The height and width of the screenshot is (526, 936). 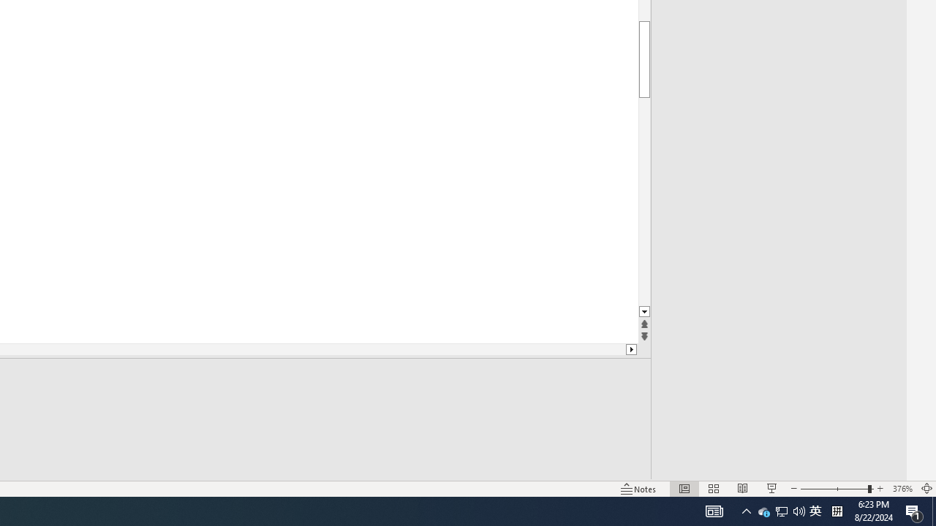 I want to click on 'Line down', so click(x=643, y=311).